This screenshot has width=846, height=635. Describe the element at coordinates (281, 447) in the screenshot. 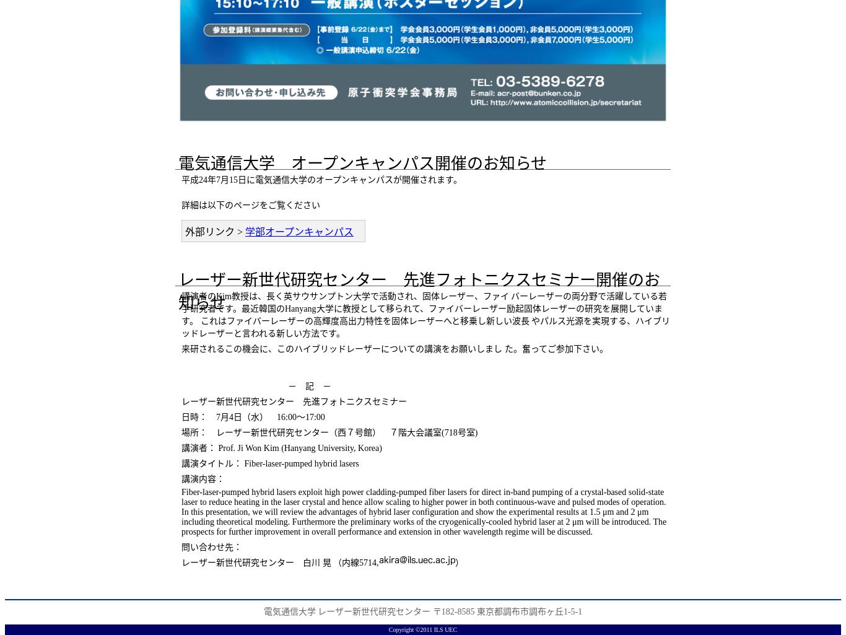

I see `'講演者：  Prof. Ji Won Kim (Hanyang University, Korea)'` at that location.